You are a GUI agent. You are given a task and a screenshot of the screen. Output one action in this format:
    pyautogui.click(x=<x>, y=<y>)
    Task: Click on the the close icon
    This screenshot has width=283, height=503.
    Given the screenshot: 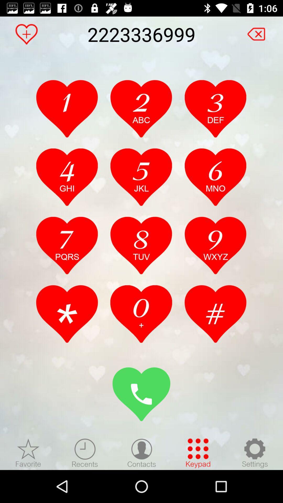 What is the action you would take?
    pyautogui.click(x=259, y=31)
    